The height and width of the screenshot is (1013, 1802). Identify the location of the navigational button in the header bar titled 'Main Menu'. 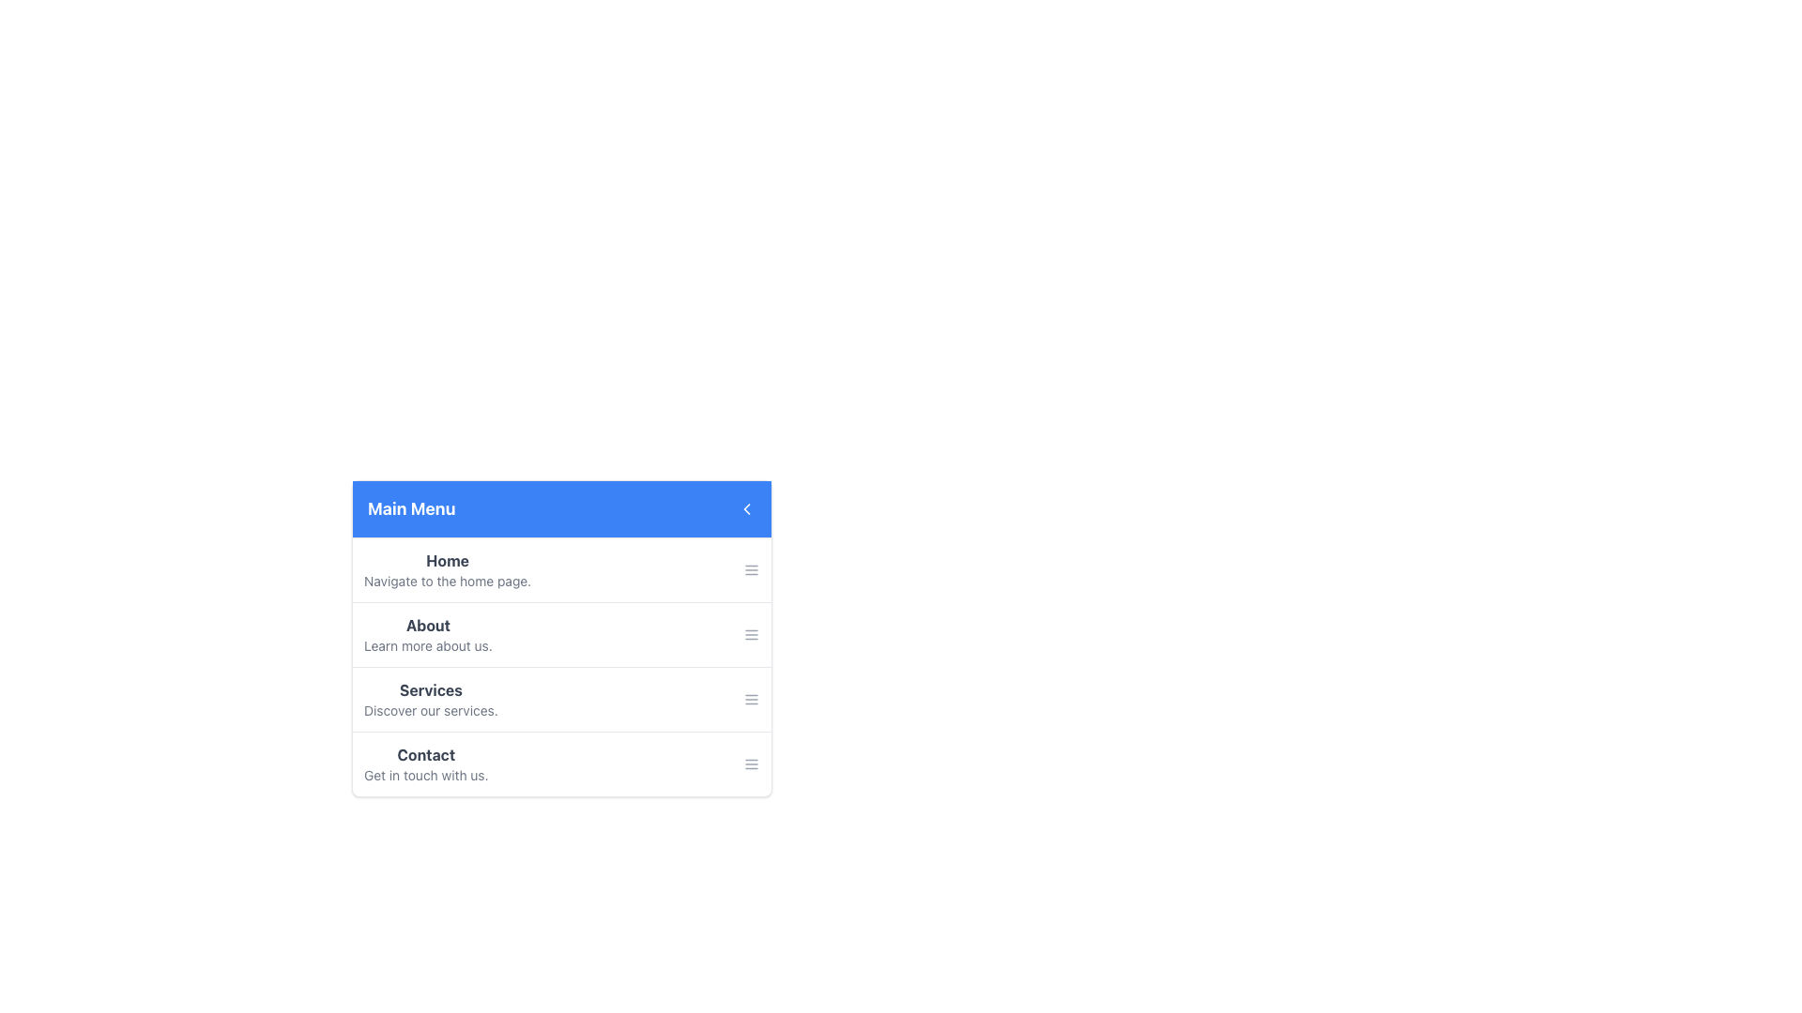
(746, 509).